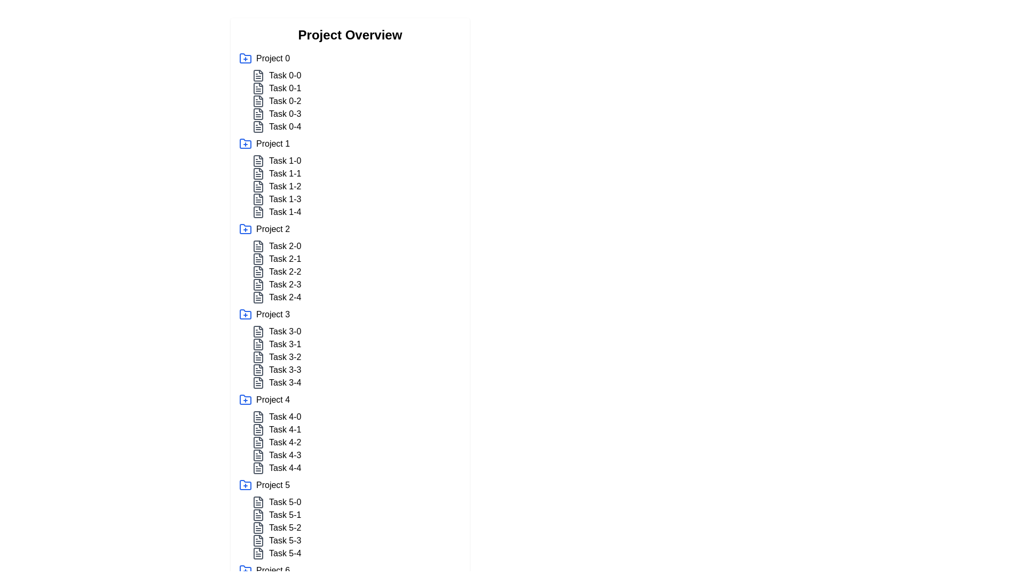 The image size is (1025, 576). Describe the element at coordinates (258, 344) in the screenshot. I see `the document icon, which is styled as a gray SVG rectangle with a folded top-right corner, located under the heading 'Project 3' next to 'Task 3-1'` at that location.